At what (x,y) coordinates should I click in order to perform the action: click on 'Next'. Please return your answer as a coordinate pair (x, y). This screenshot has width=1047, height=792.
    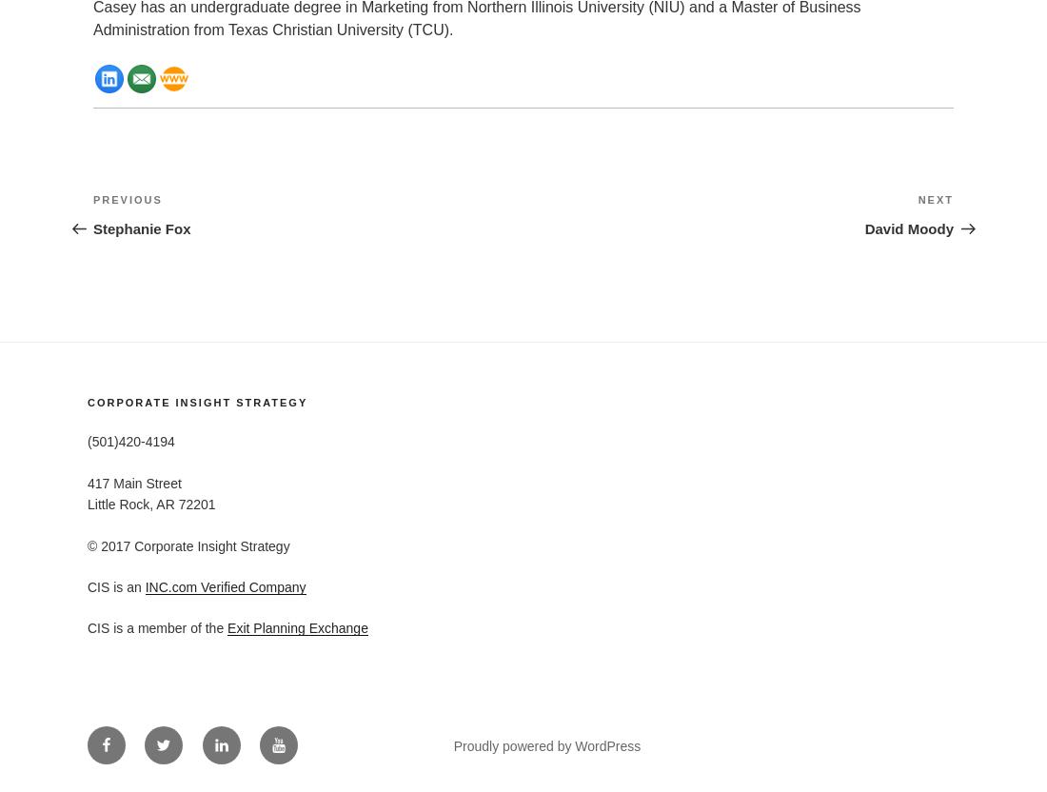
    Looking at the image, I should click on (917, 198).